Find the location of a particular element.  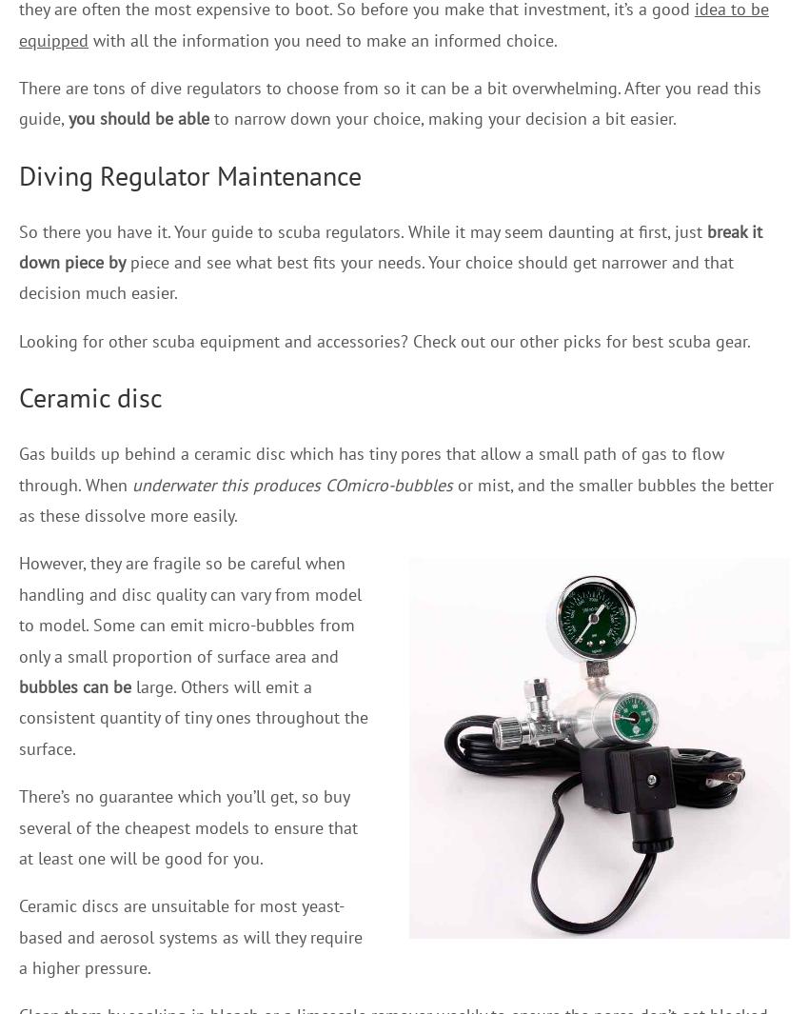

'Gas builds up behind a ceramic disc which has tiny pores that allow a small path of gas to flow through. When' is located at coordinates (371, 467).